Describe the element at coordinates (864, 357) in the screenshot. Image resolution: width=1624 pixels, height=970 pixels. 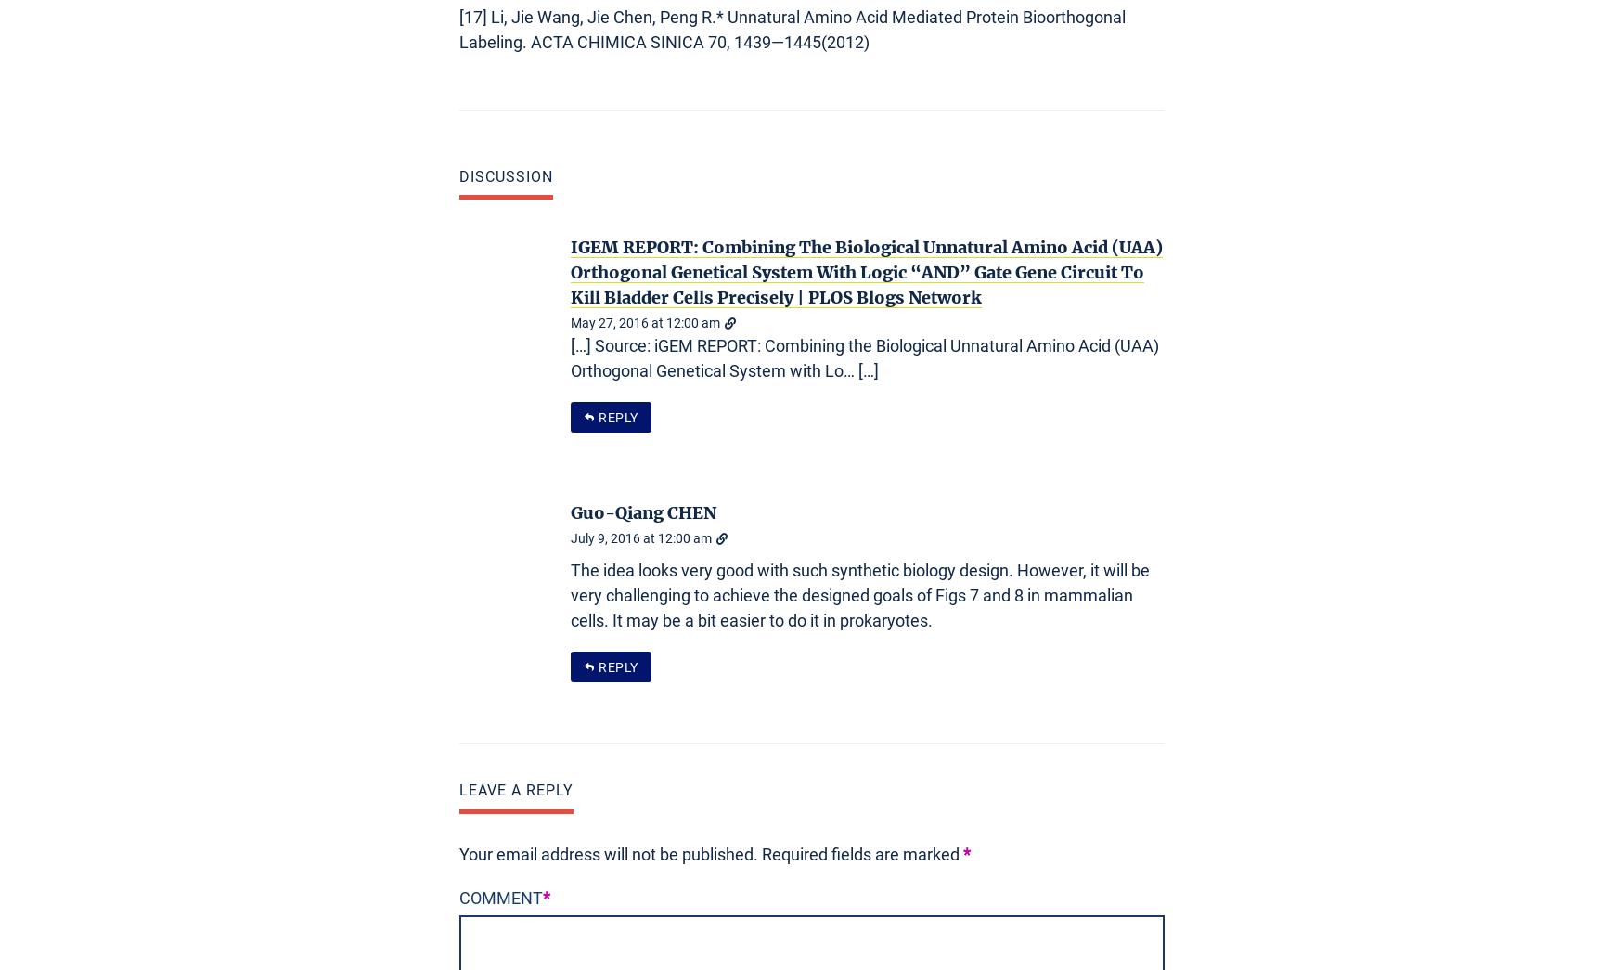
I see `'[…] Source: iGEM REPORT: Combining the Biological Unnatural Amino Acid (UAA) Orthogonal Genetical System with Lo… […]'` at that location.